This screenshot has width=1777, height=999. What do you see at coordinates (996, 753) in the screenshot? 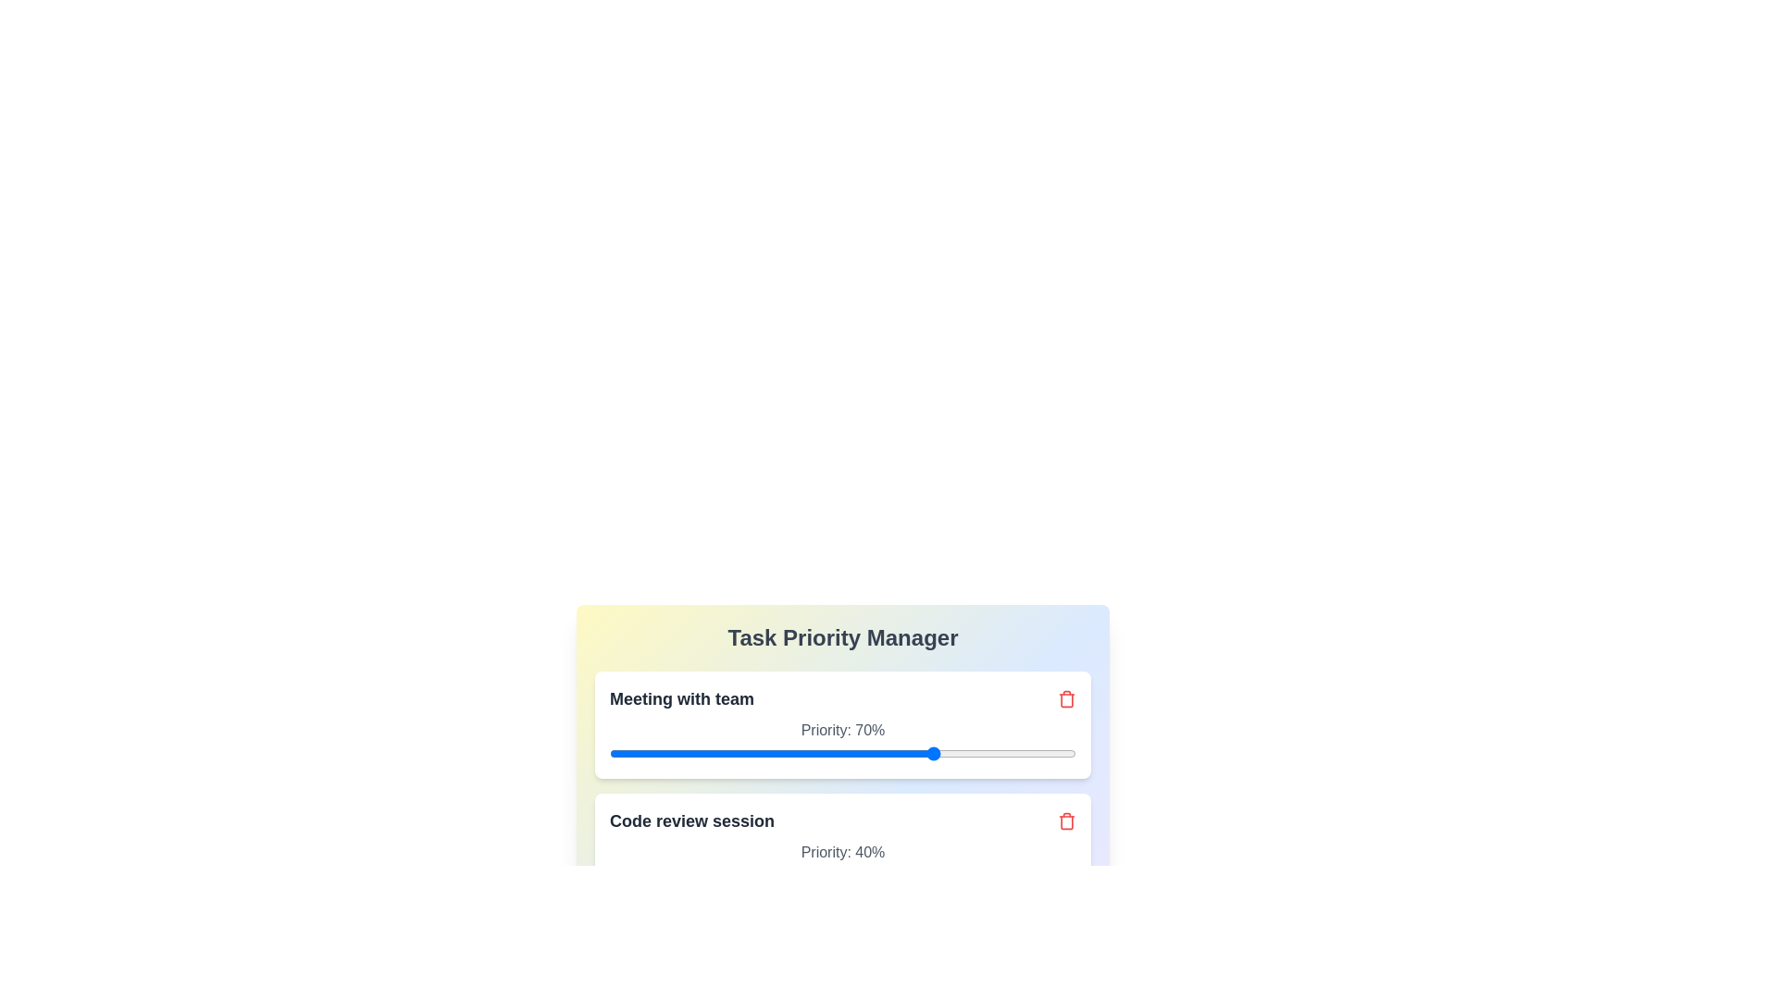
I see `priority` at bounding box center [996, 753].